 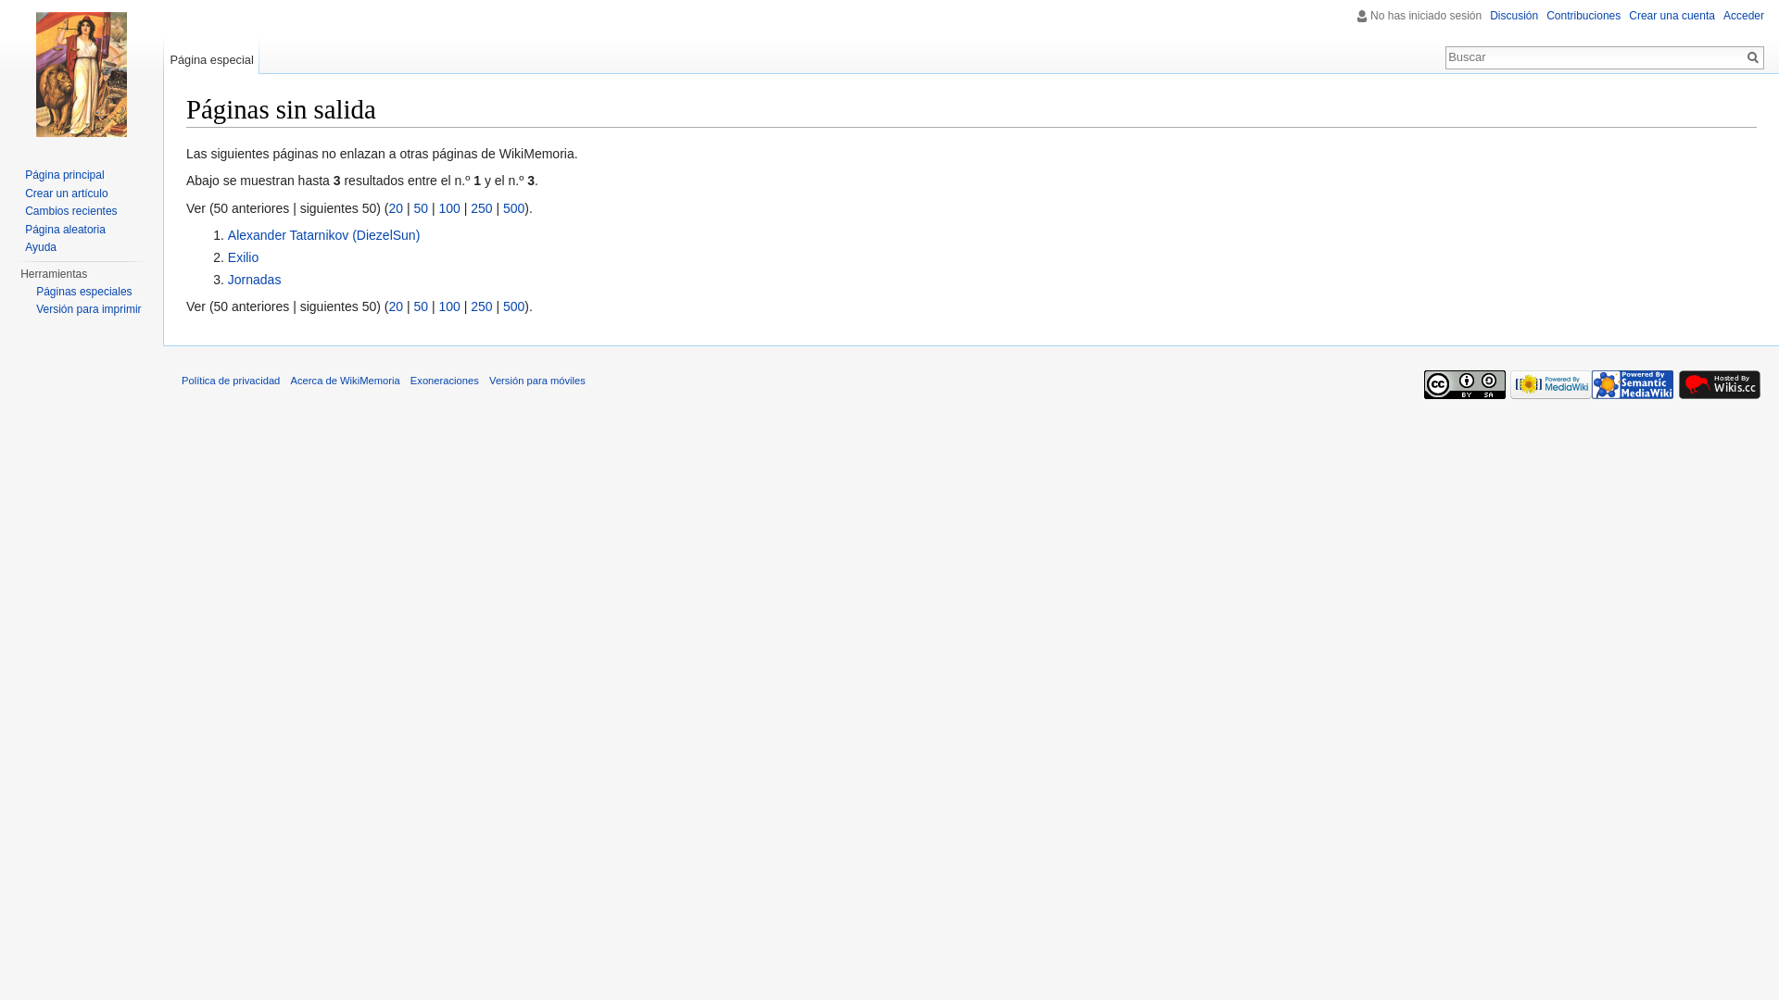 I want to click on 'Ayuda', so click(x=40, y=245).